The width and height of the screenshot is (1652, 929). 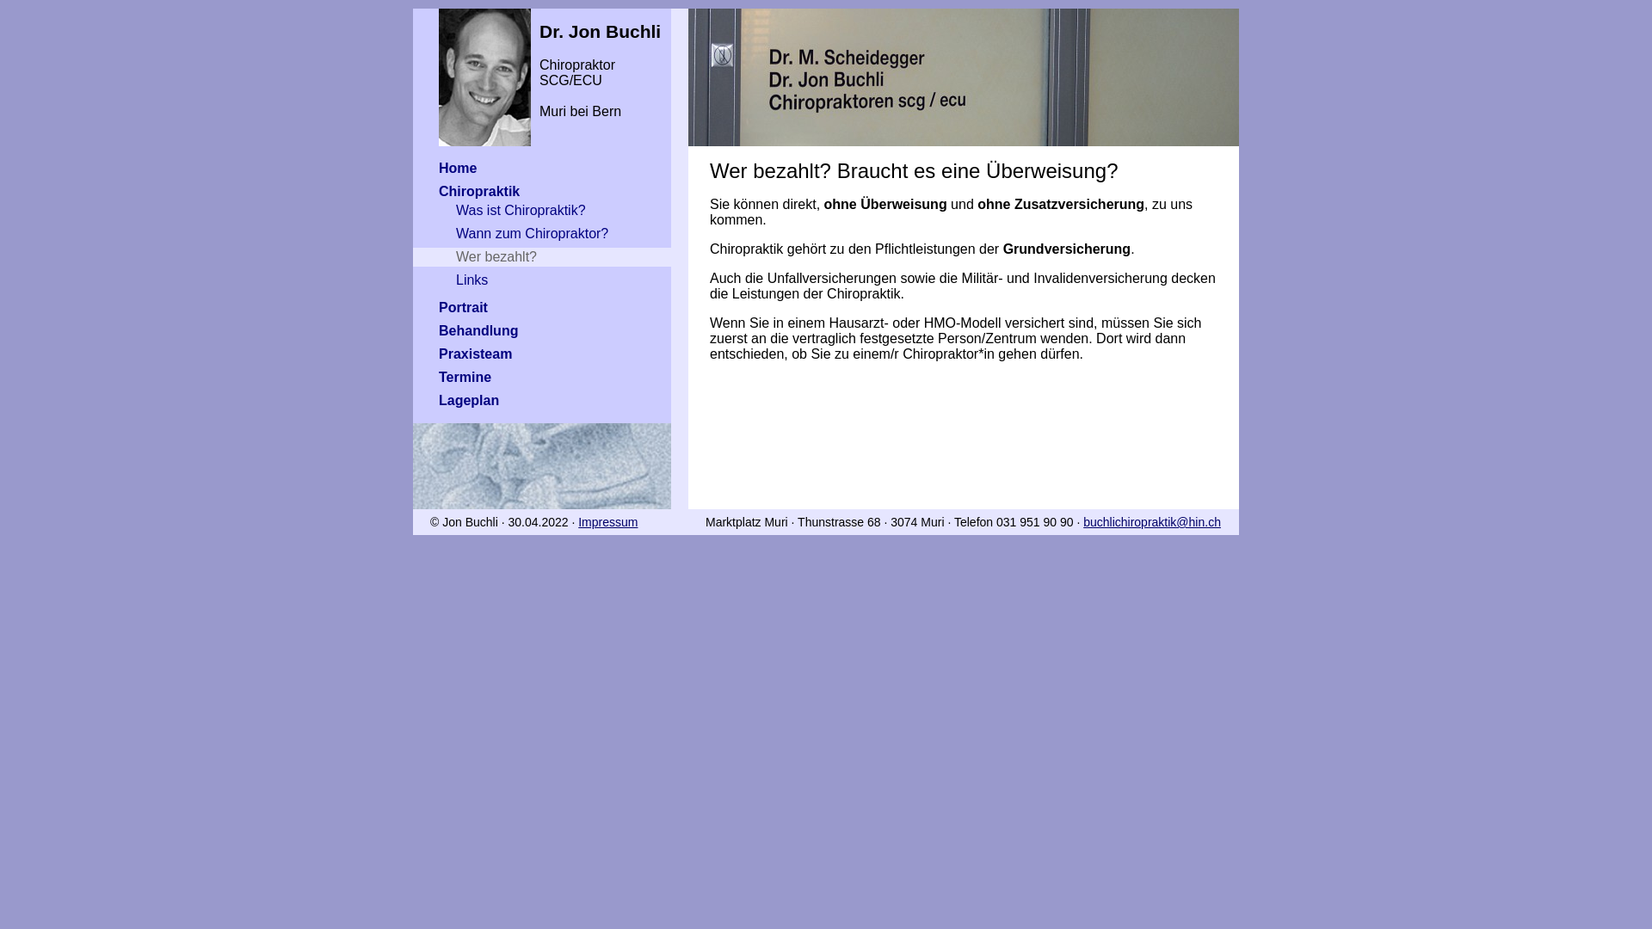 What do you see at coordinates (540, 210) in the screenshot?
I see `'Was ist Chiropraktik?'` at bounding box center [540, 210].